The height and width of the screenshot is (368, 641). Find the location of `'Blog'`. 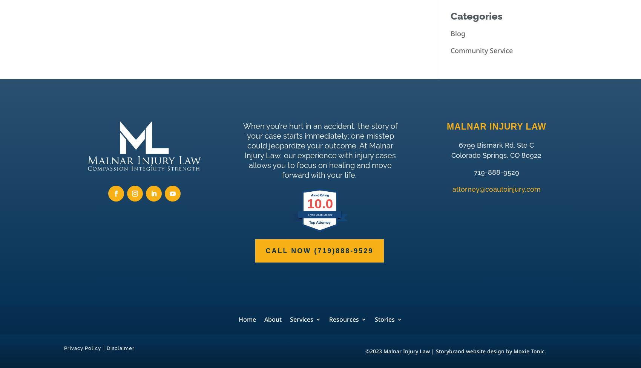

'Blog' is located at coordinates (457, 34).